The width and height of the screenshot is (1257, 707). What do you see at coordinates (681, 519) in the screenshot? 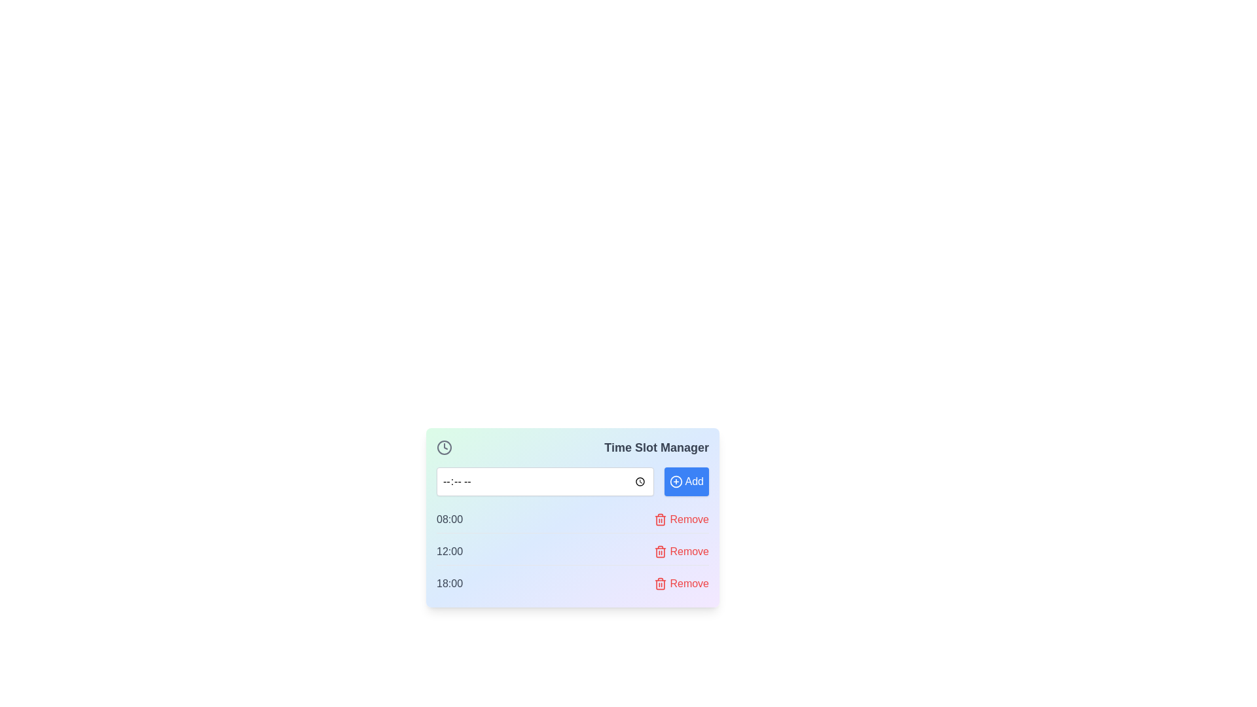
I see `the interactive button with an icon and text to remove the time slot '08:00' from the scheduled time slots` at bounding box center [681, 519].